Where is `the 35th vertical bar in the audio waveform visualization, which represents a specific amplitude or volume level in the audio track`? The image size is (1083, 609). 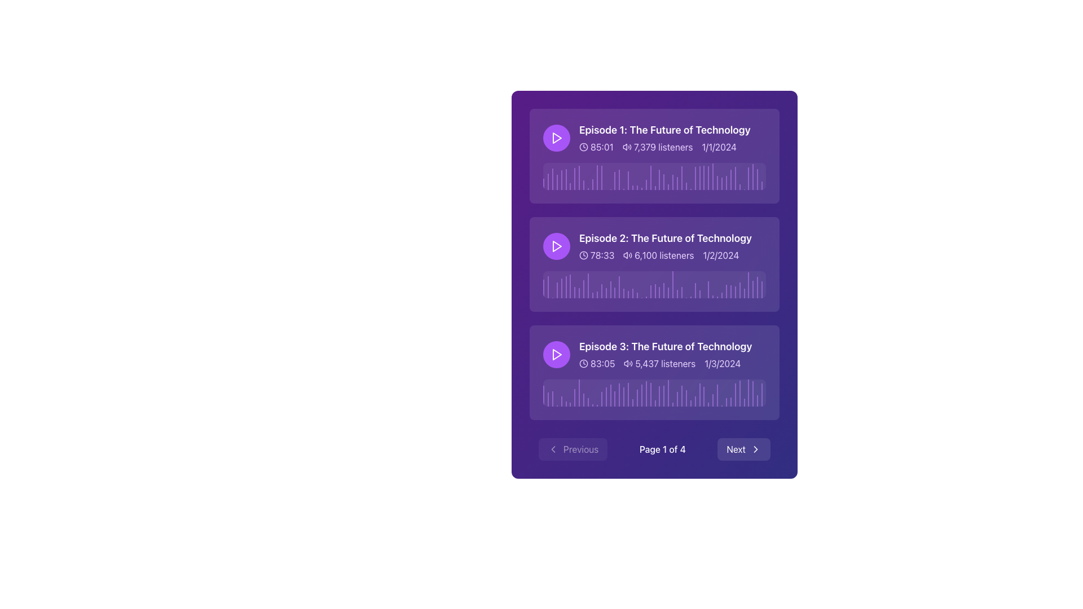 the 35th vertical bar in the audio waveform visualization, which represents a specific amplitude or volume level in the audio track is located at coordinates (694, 290).